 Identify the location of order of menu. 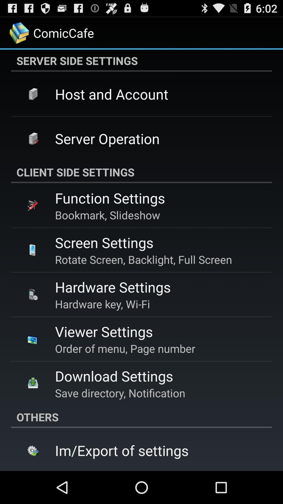
(125, 348).